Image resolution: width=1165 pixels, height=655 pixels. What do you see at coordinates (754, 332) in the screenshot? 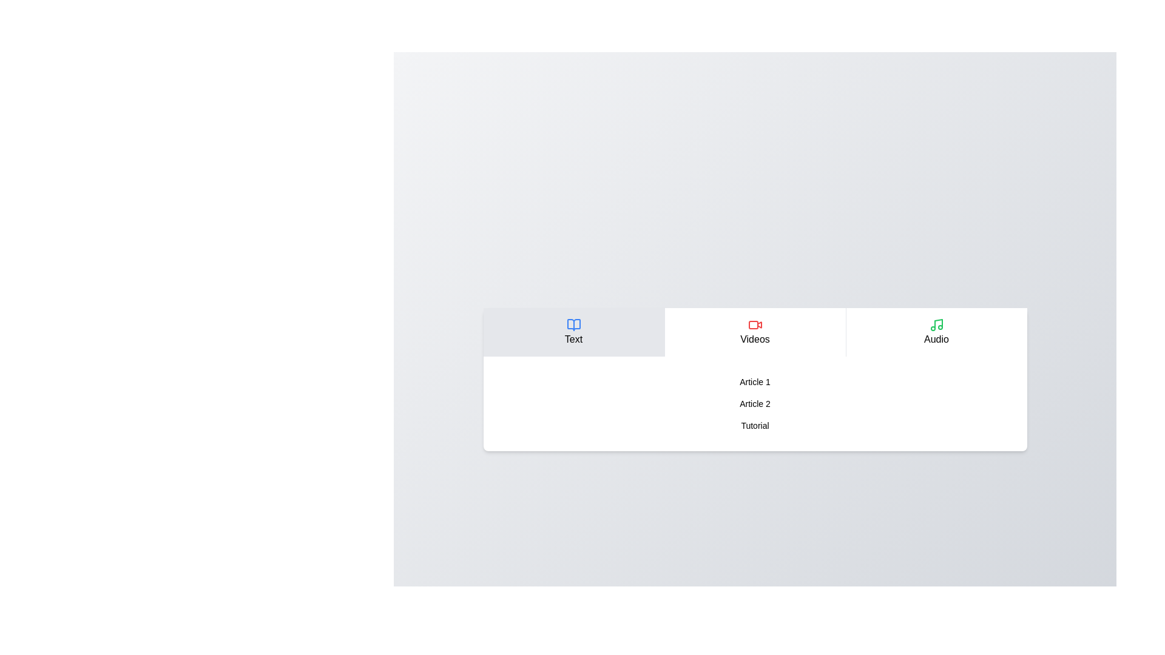
I see `the Videos tab` at bounding box center [754, 332].